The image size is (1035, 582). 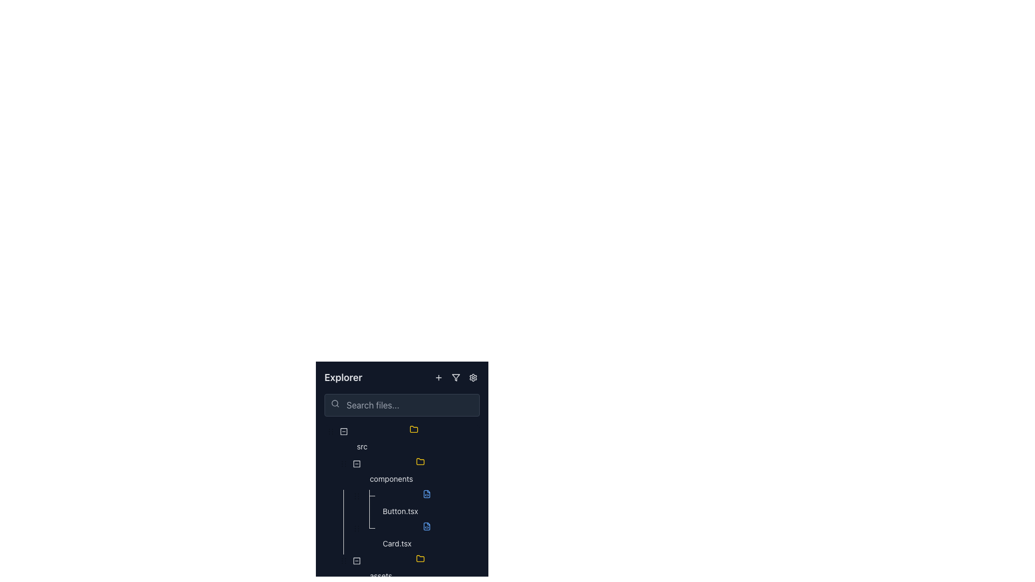 I want to click on the 'src' folder, so click(x=416, y=440).